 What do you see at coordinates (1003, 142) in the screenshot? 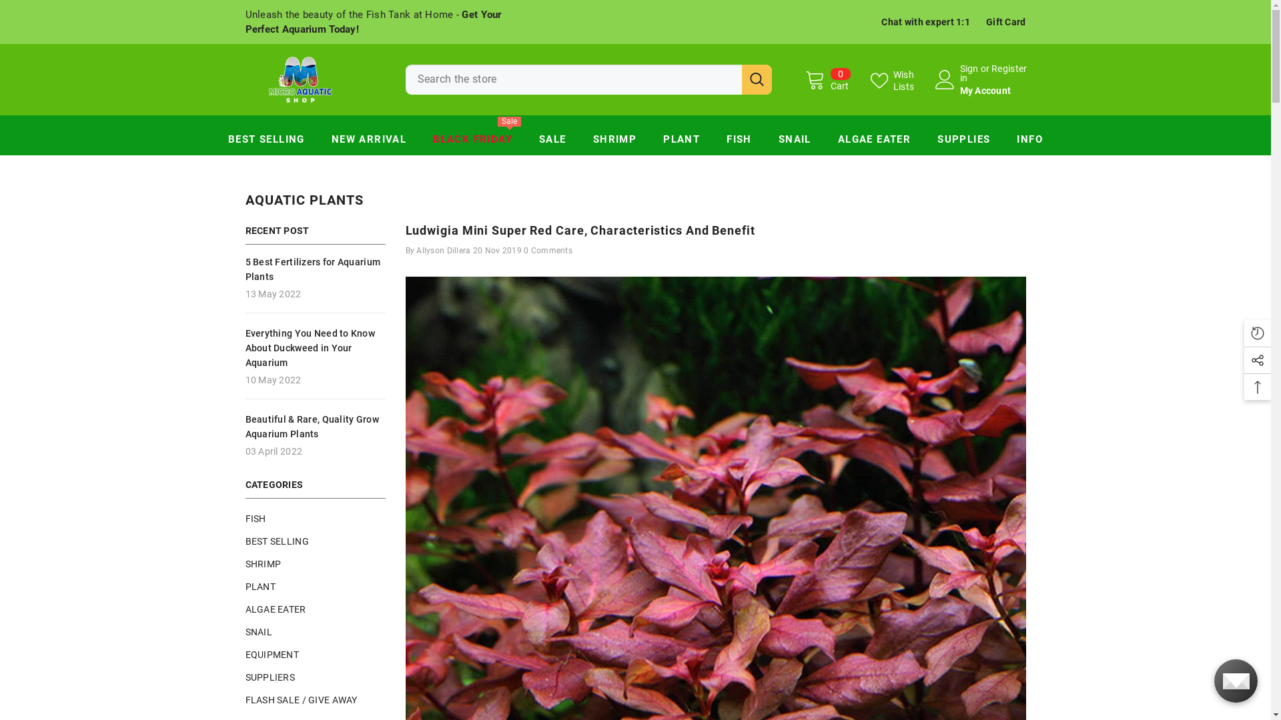
I see `'INFO'` at bounding box center [1003, 142].